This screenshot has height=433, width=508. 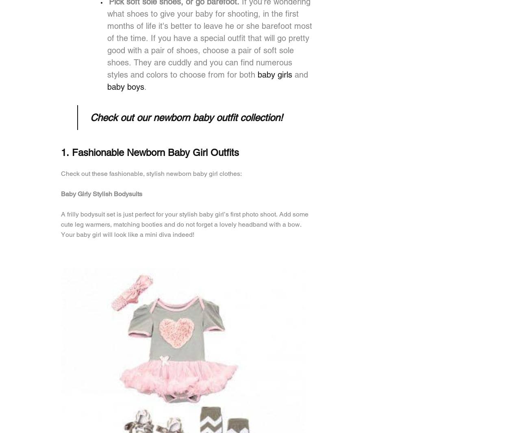 What do you see at coordinates (280, 117) in the screenshot?
I see `'!'` at bounding box center [280, 117].